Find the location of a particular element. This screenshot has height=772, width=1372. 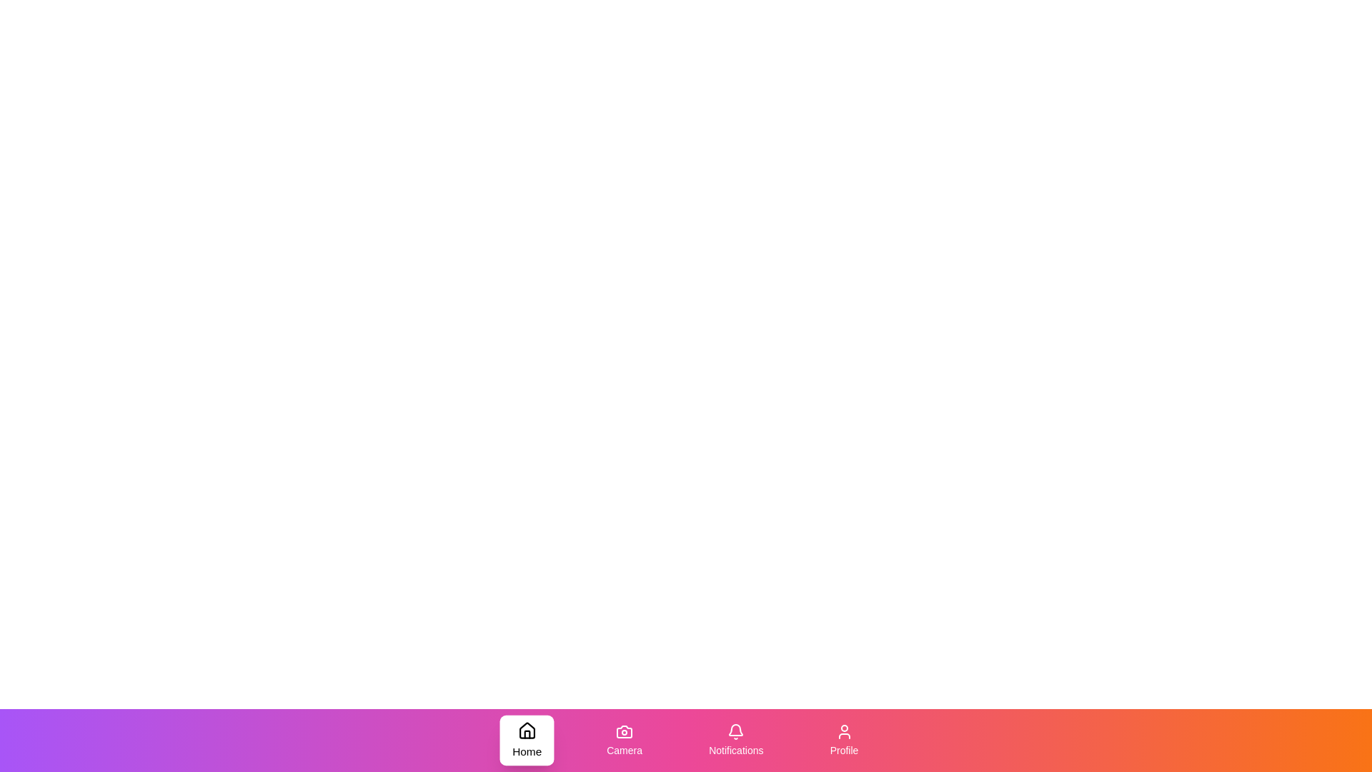

the Camera tab in the bottom navigation is located at coordinates (625, 740).